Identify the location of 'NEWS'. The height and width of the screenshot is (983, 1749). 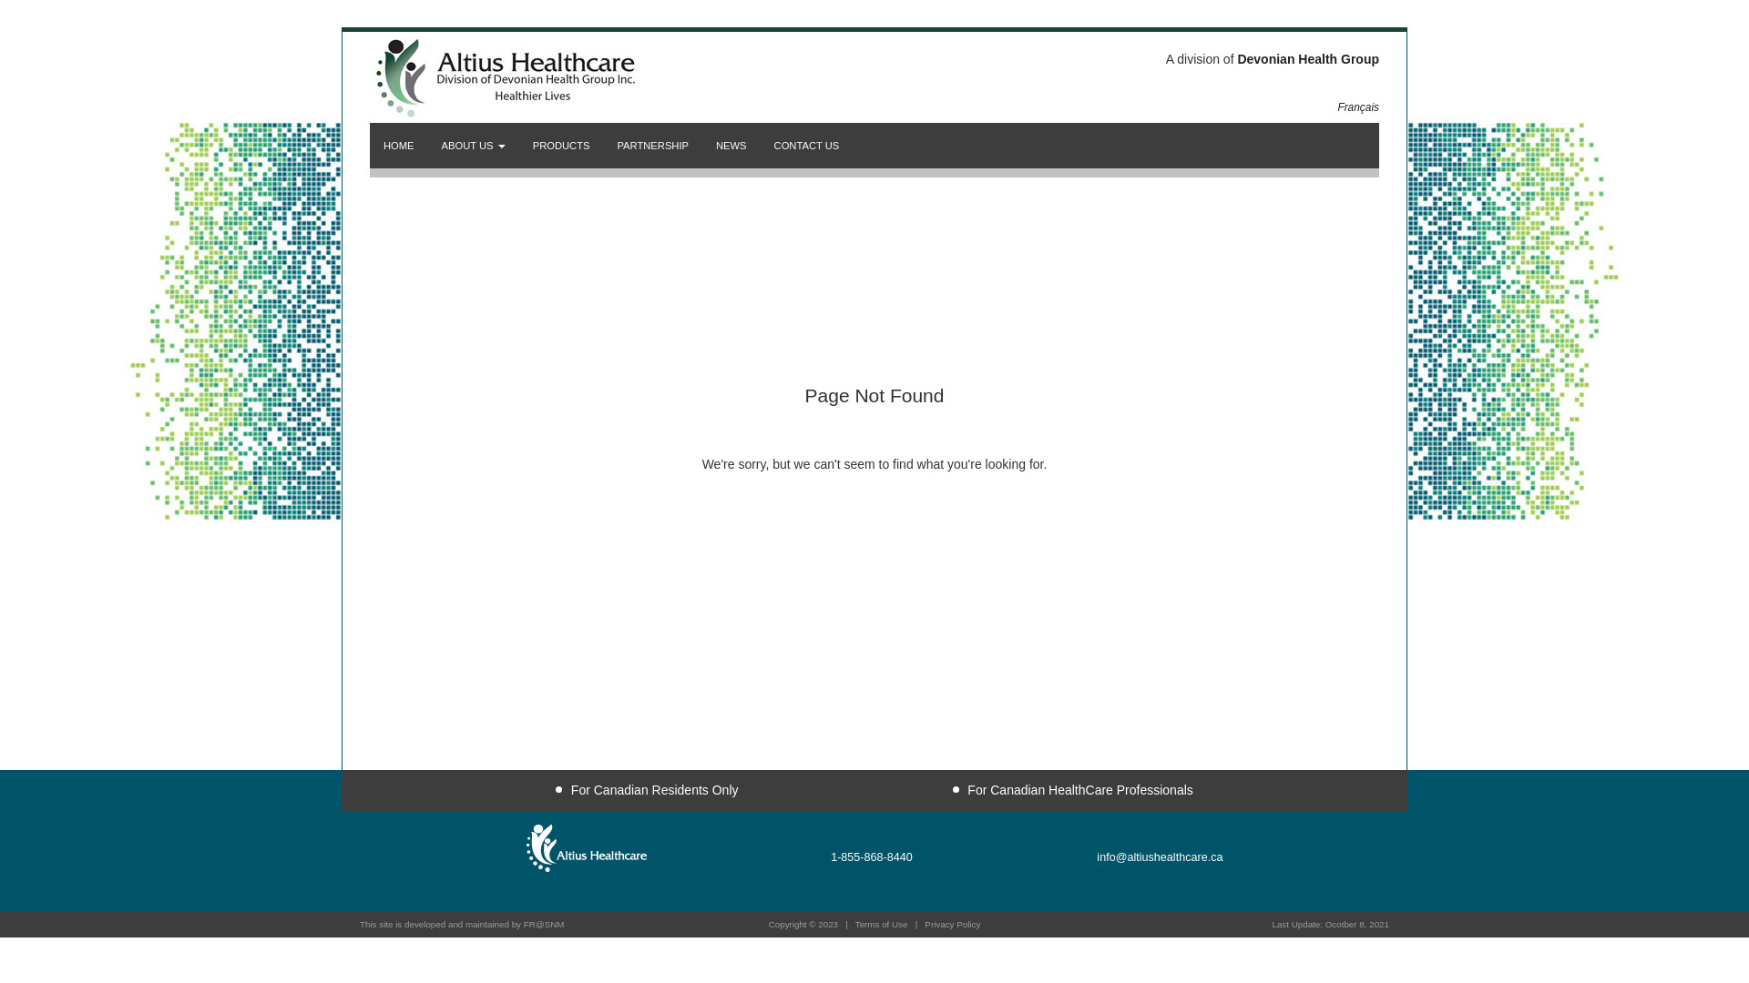
(731, 144).